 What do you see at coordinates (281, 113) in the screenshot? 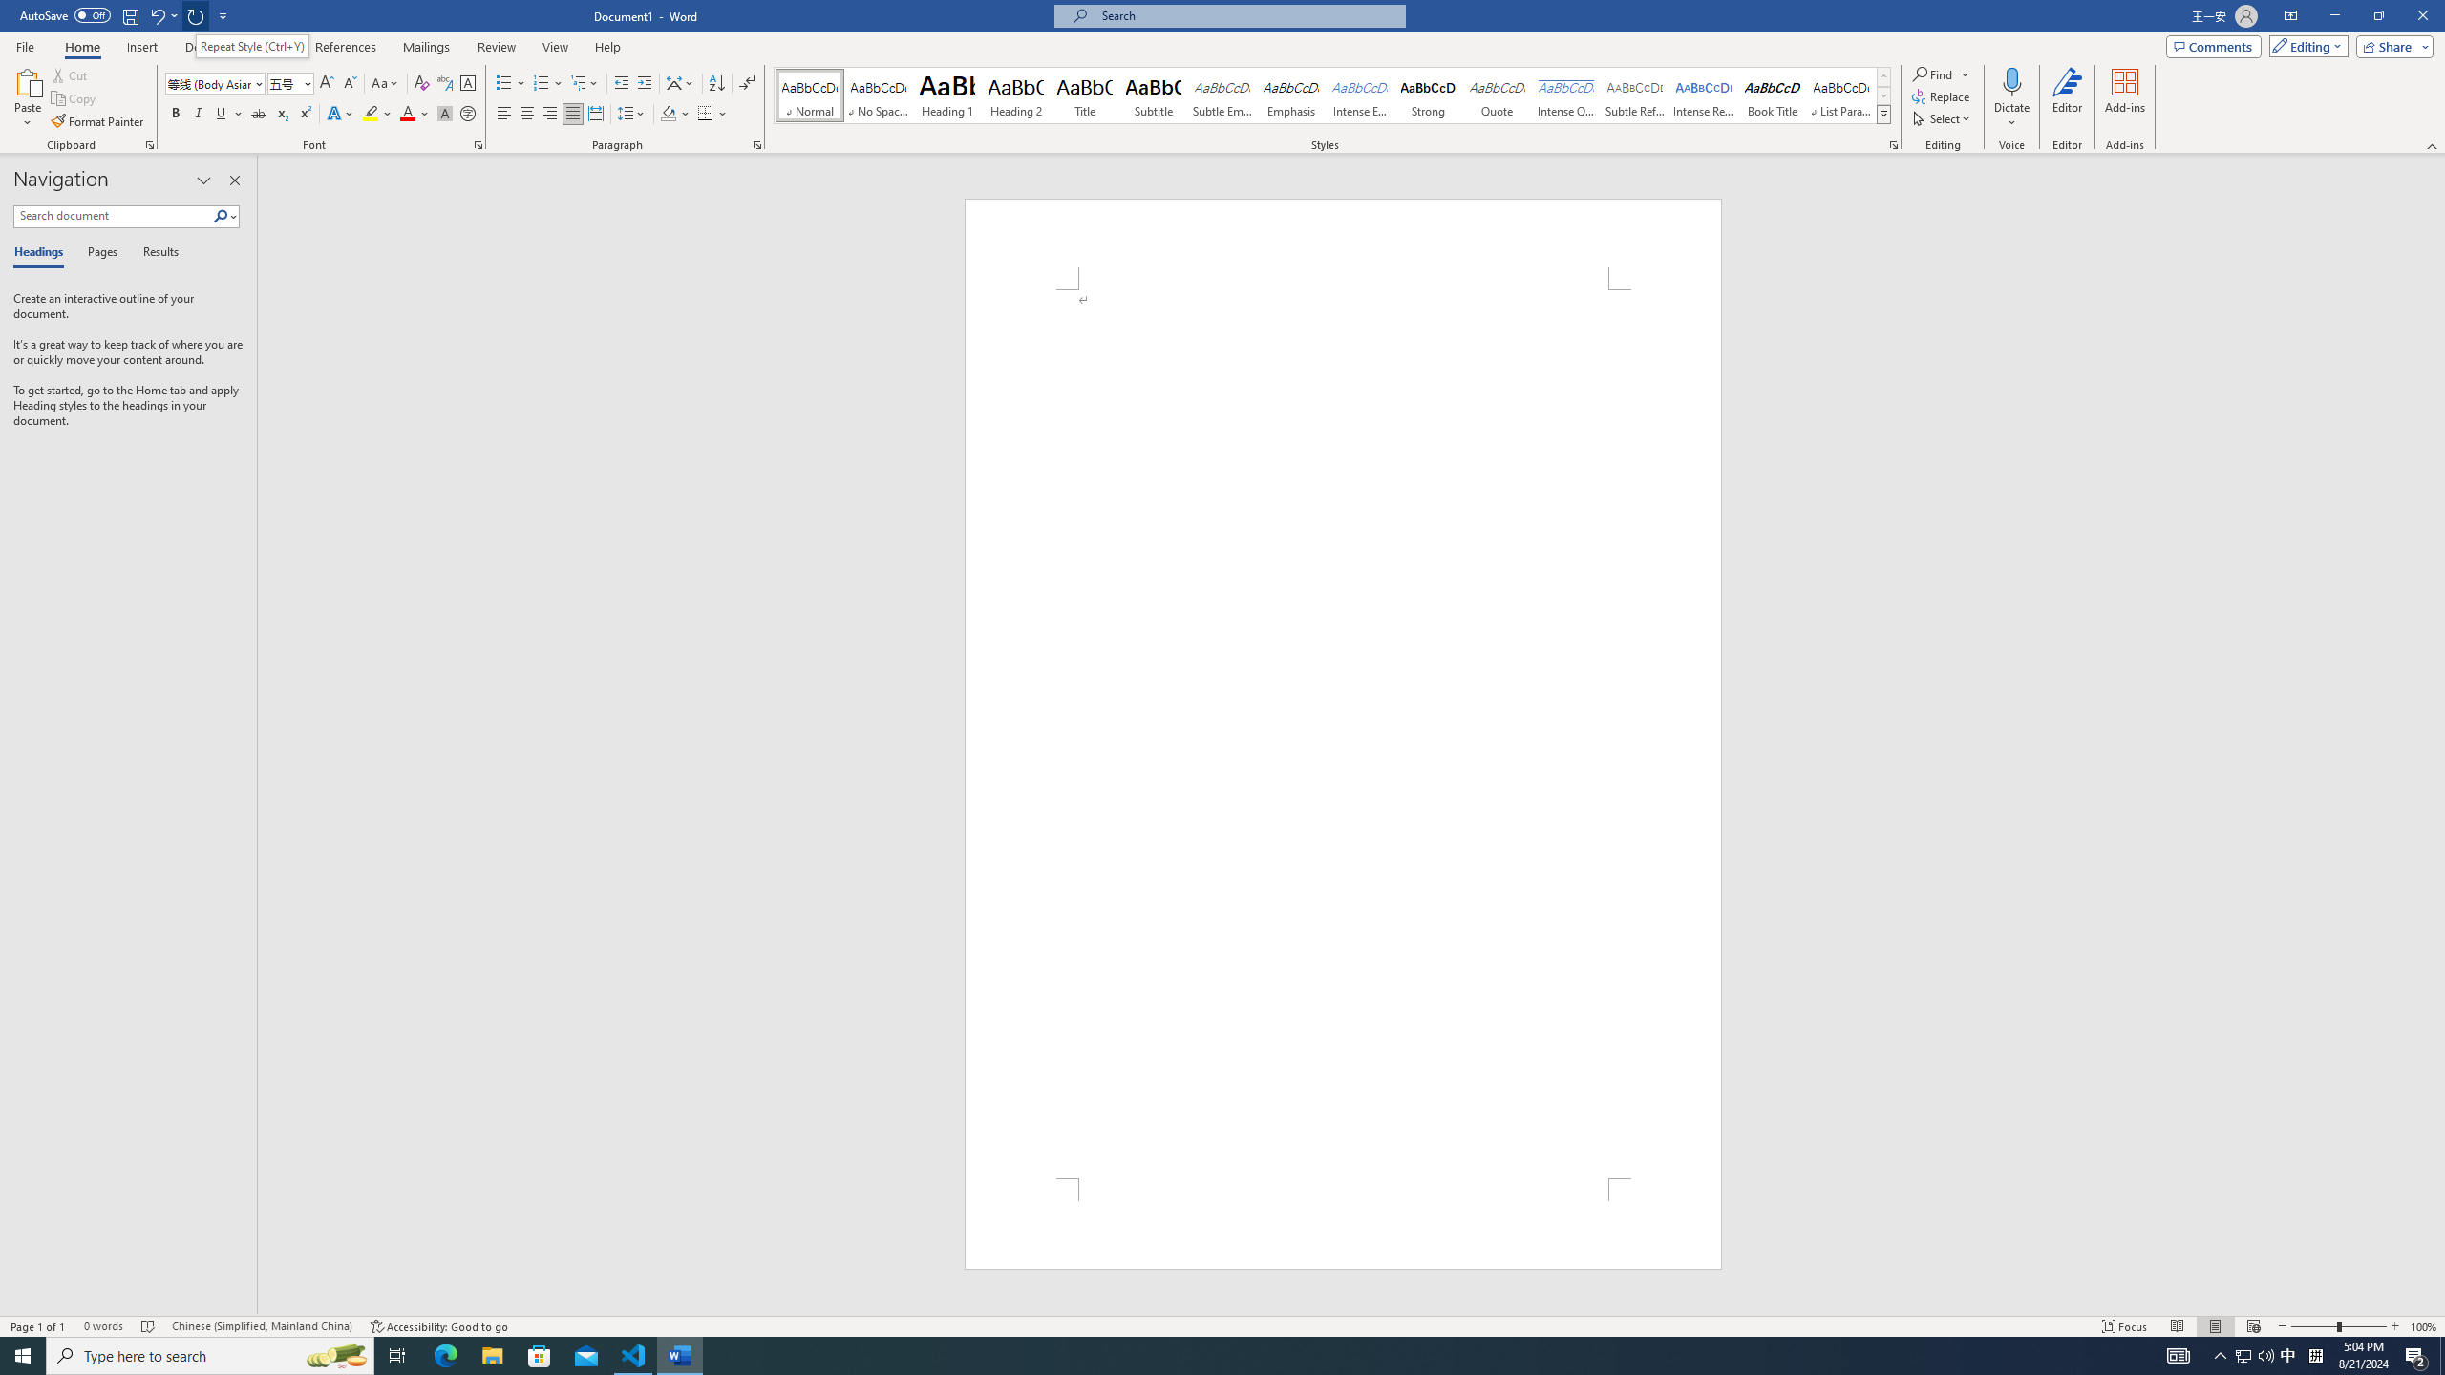
I see `'Subscript'` at bounding box center [281, 113].